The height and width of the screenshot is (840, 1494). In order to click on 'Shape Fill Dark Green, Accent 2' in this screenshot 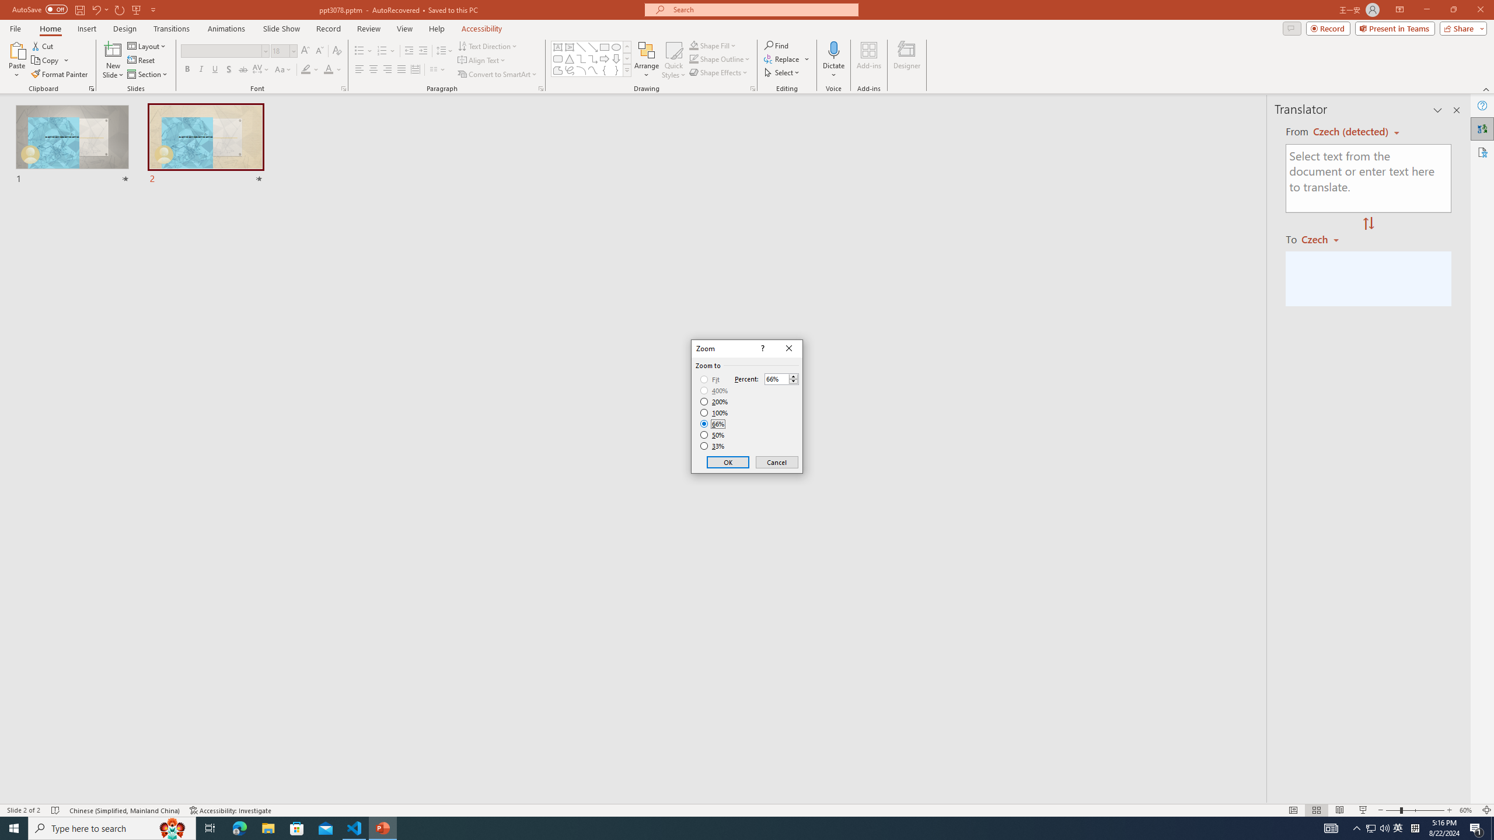, I will do `click(694, 45)`.